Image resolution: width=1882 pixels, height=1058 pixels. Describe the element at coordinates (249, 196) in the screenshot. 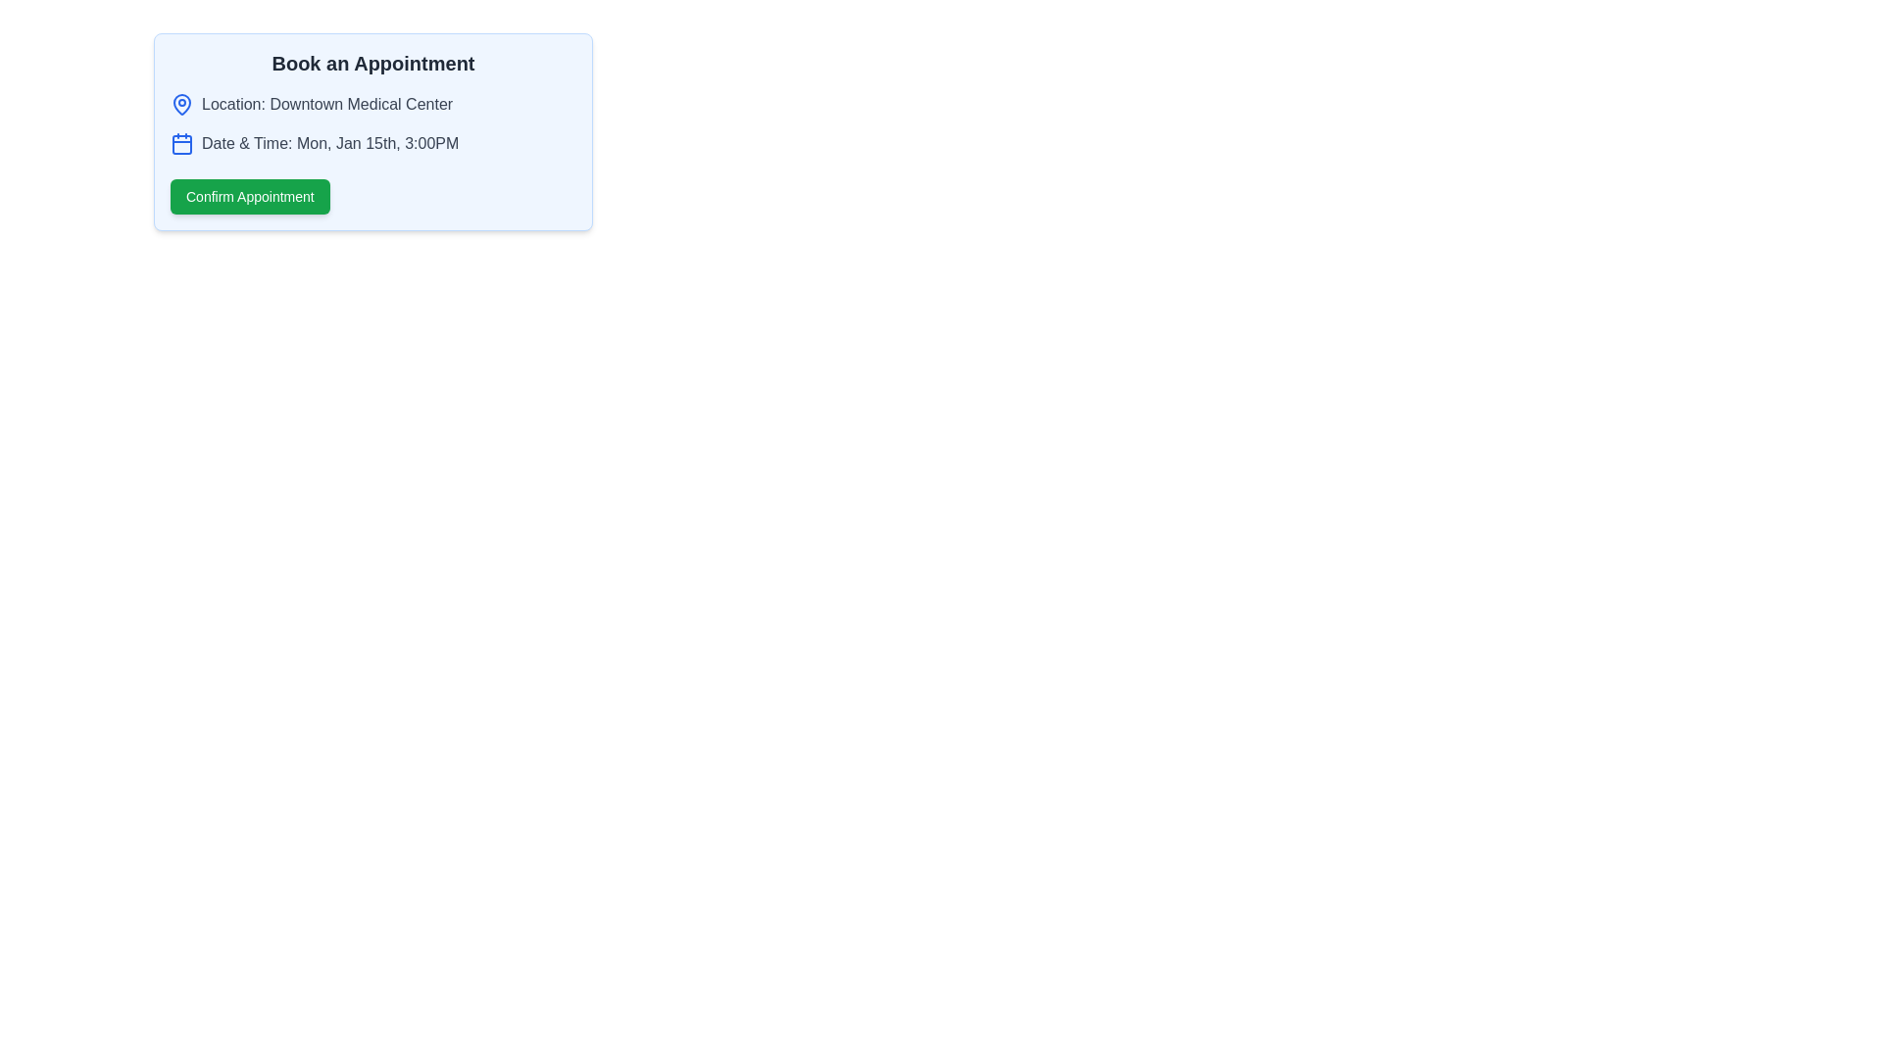

I see `the confirmation button located at the bottom left of the booking card` at that location.